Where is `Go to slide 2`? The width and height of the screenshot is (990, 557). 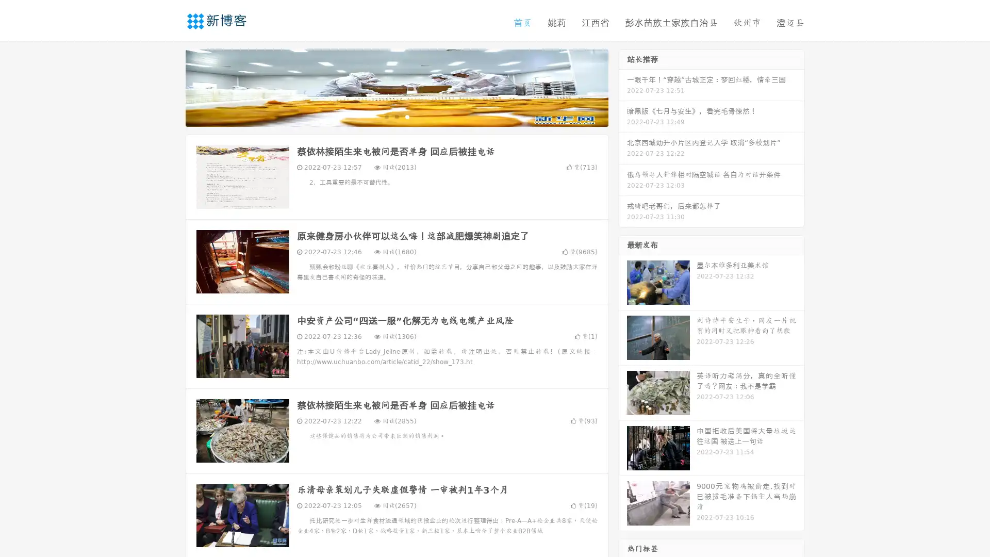
Go to slide 2 is located at coordinates (396, 116).